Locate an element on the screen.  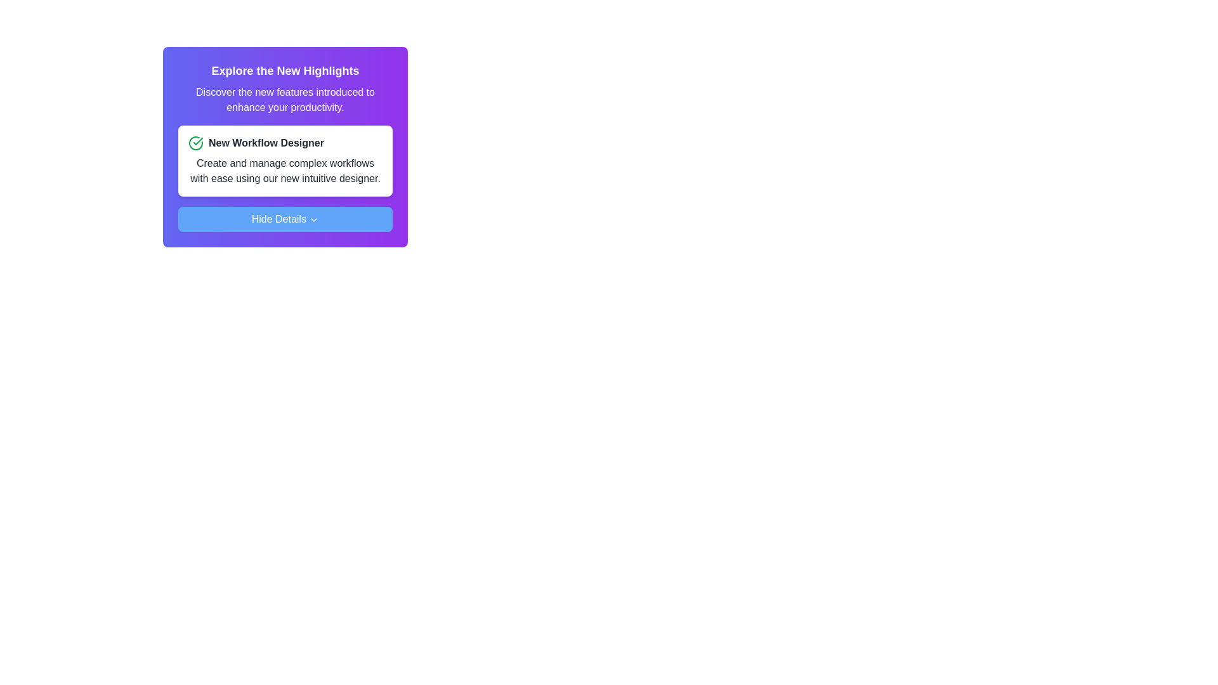
the Text Description element that provides information about the new workflow designer, located below the header 'New Workflow Designer' is located at coordinates (285, 171).